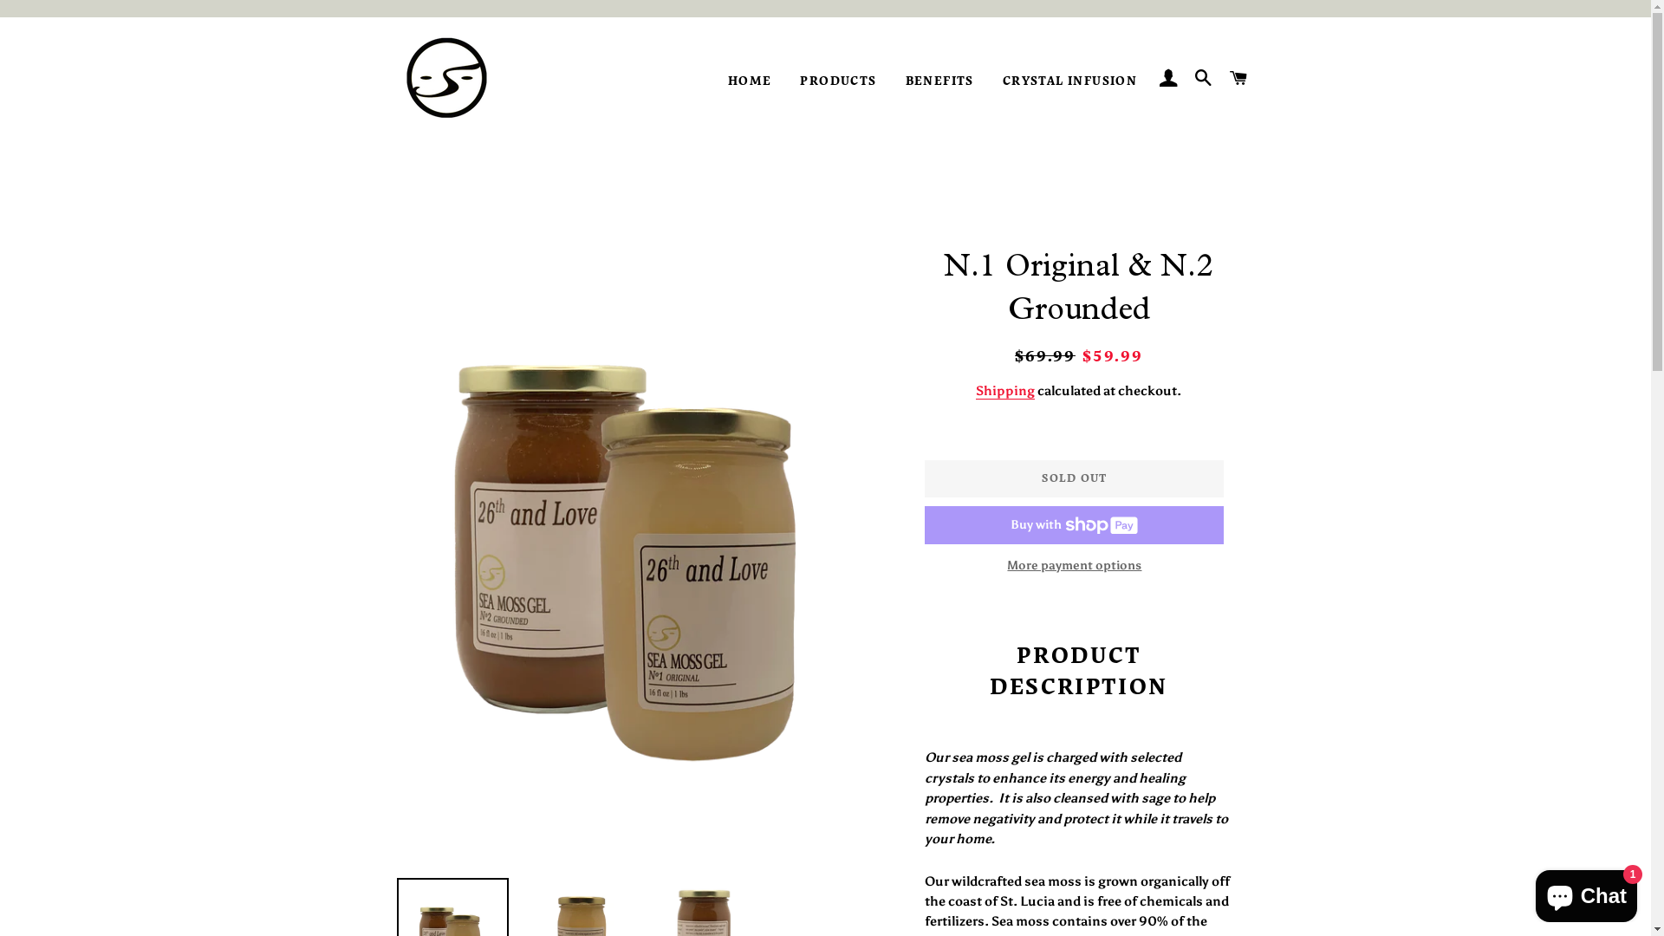 This screenshot has width=1664, height=936. What do you see at coordinates (1203, 80) in the screenshot?
I see `'SEARCH'` at bounding box center [1203, 80].